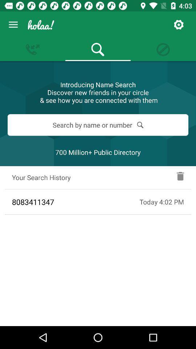  Describe the element at coordinates (180, 177) in the screenshot. I see `button to delete the search history` at that location.